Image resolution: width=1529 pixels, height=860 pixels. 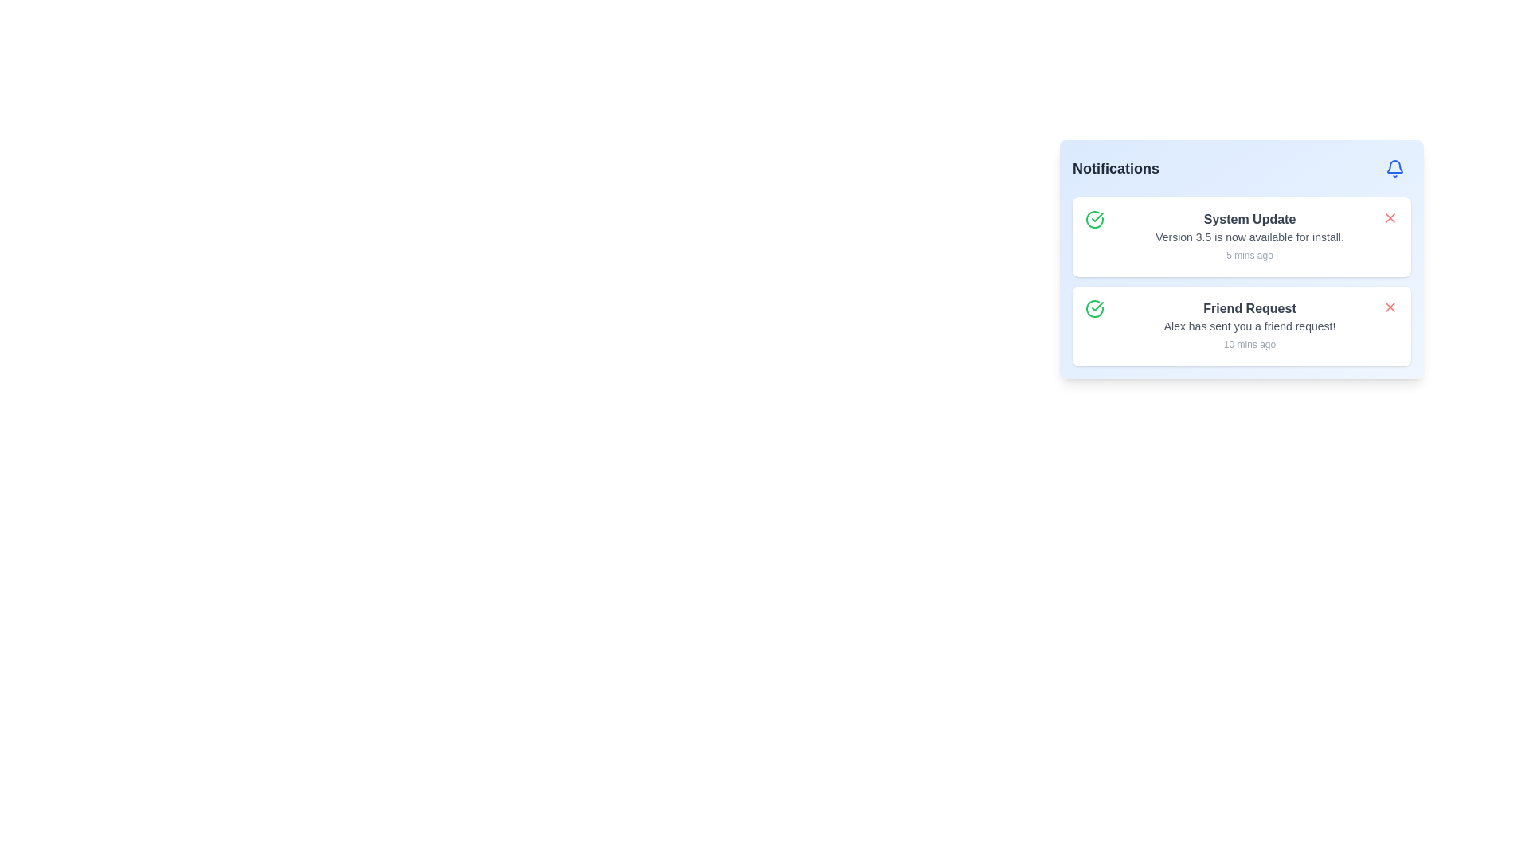 What do you see at coordinates (1394, 169) in the screenshot?
I see `the blue notification bell icon located at the top-right corner of the notification card` at bounding box center [1394, 169].